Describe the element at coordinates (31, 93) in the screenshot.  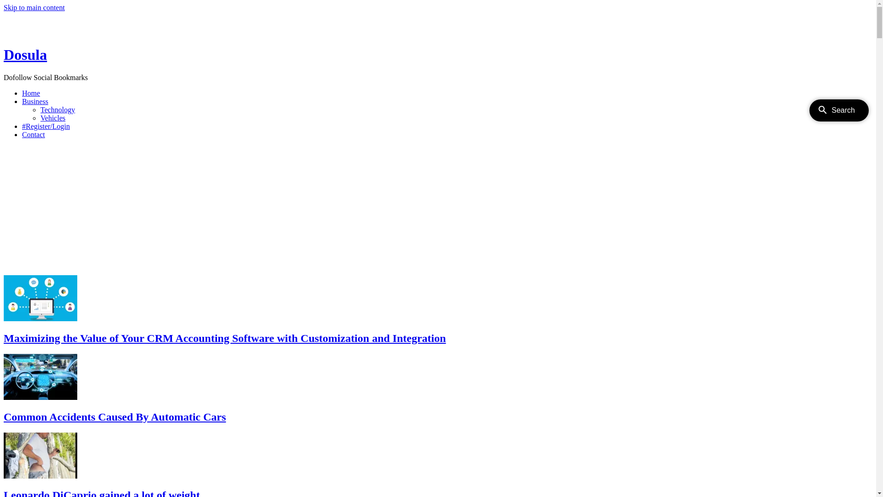
I see `'Home'` at that location.